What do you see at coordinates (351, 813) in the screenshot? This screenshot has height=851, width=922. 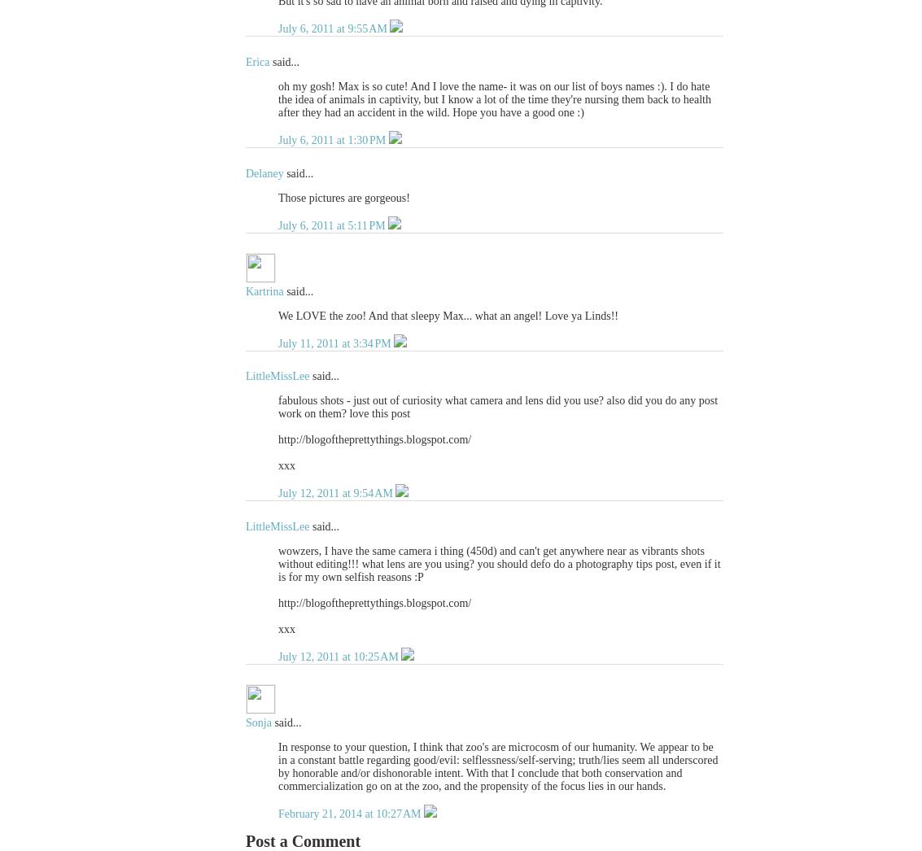 I see `'February 21, 2014 at 10:27 AM'` at bounding box center [351, 813].